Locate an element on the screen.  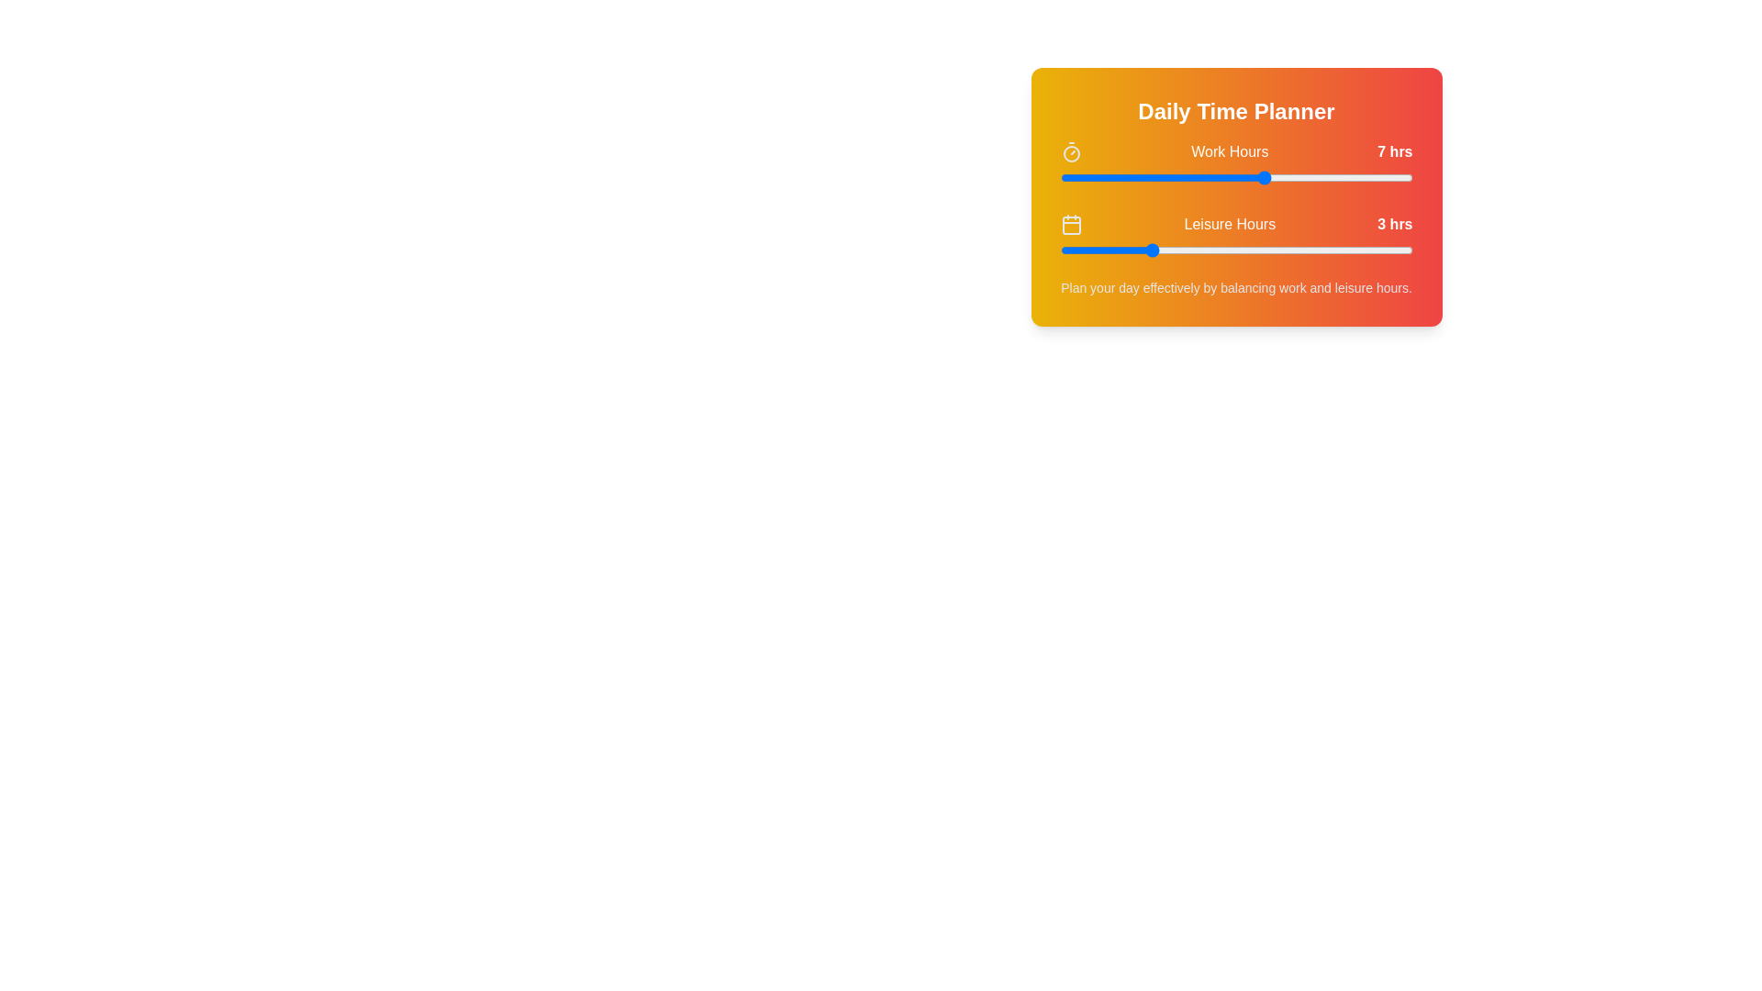
work hours is located at coordinates (1265, 177).